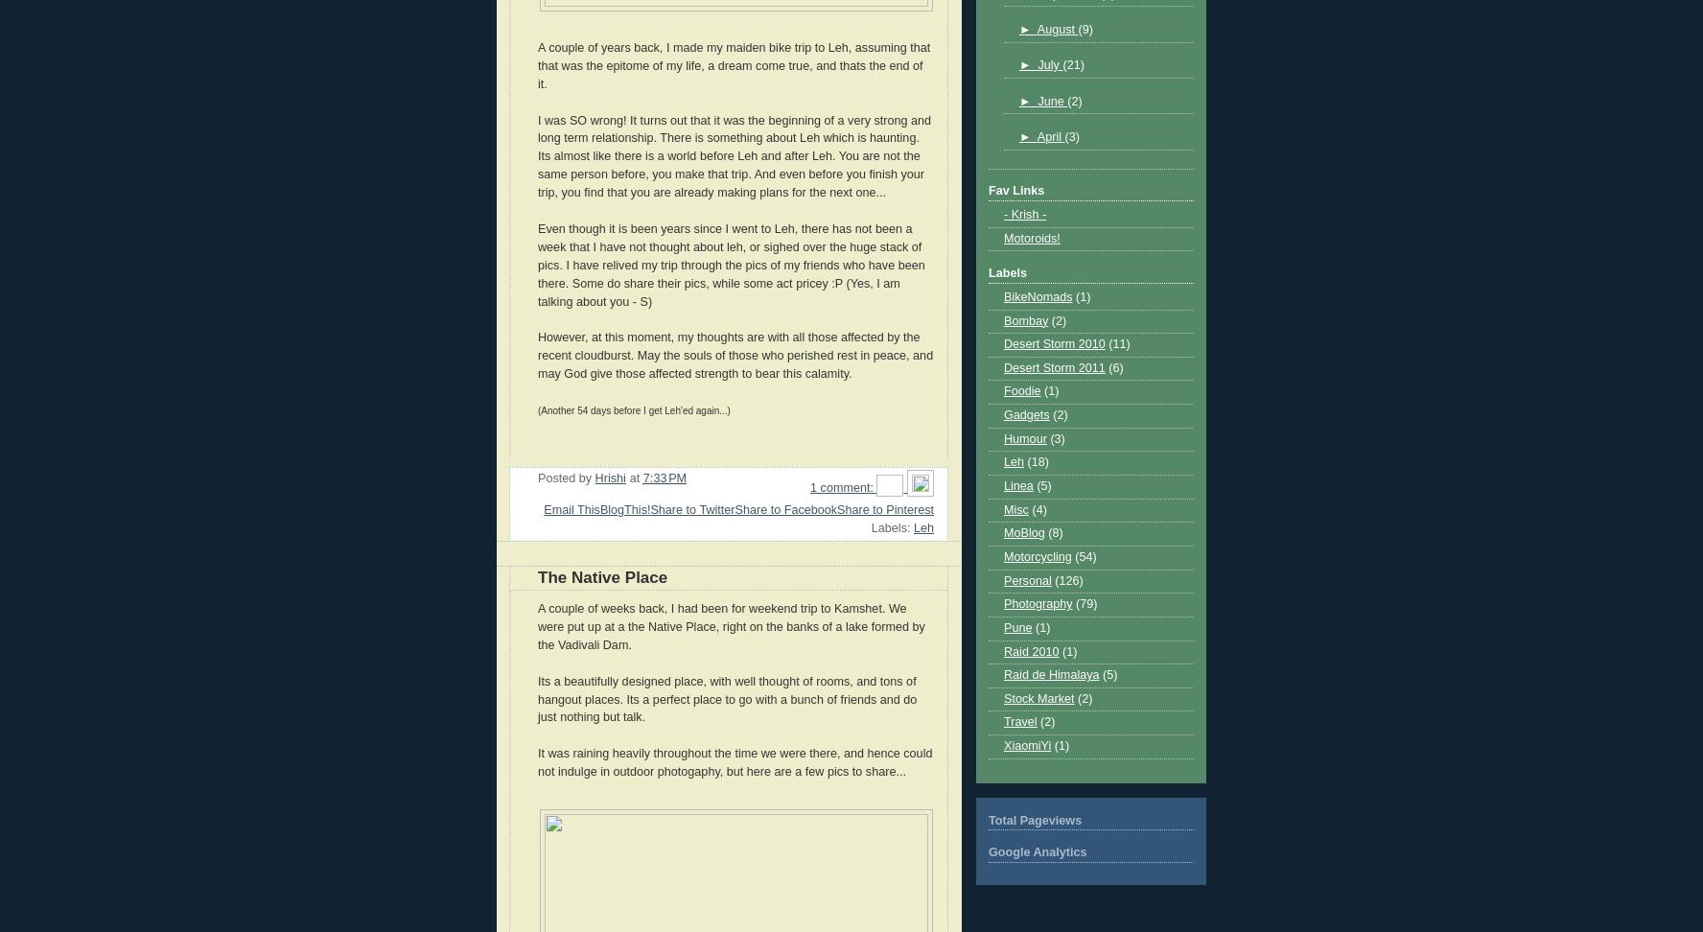 This screenshot has height=932, width=1703. Describe the element at coordinates (1031, 237) in the screenshot. I see `'Motoroids!'` at that location.